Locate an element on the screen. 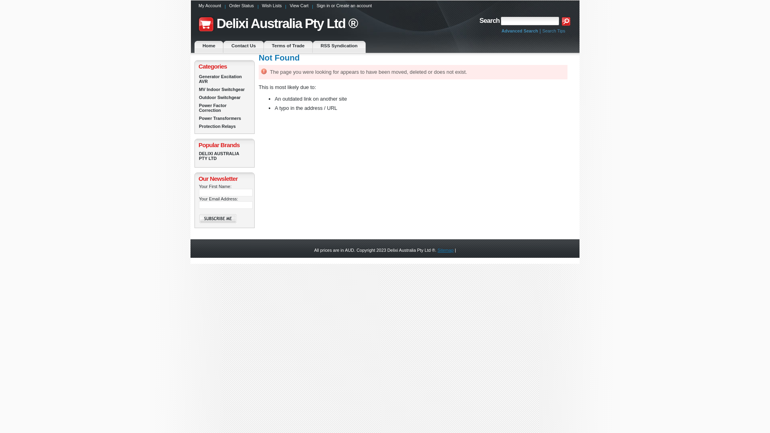 This screenshot has width=770, height=433. 'Wish Lists' is located at coordinates (272, 8).